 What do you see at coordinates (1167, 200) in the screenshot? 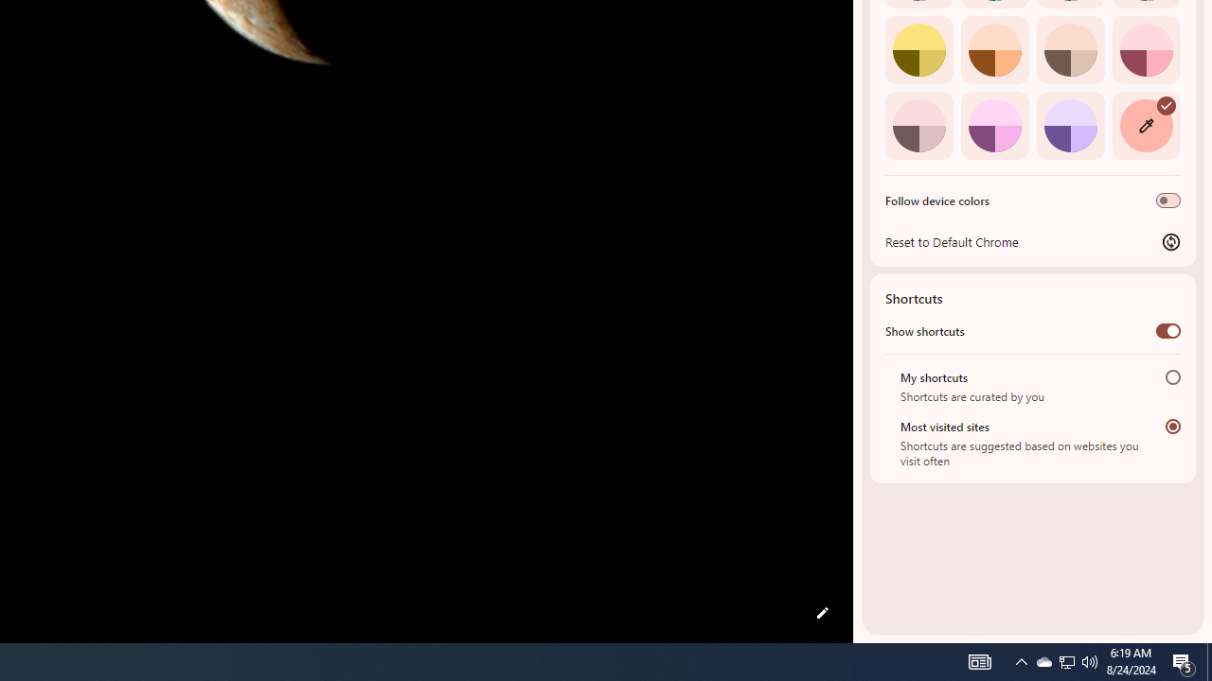
I see `'Follow device colors'` at bounding box center [1167, 200].